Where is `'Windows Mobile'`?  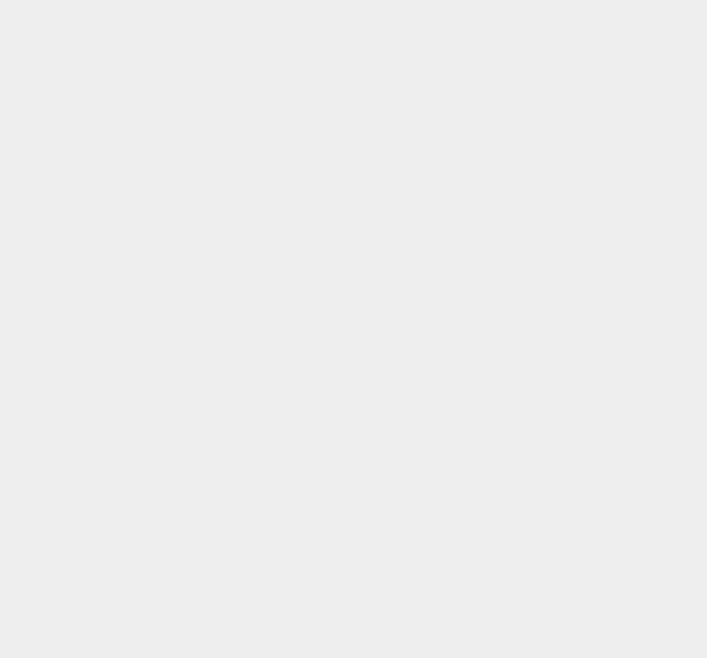
'Windows Mobile' is located at coordinates (499, 443).